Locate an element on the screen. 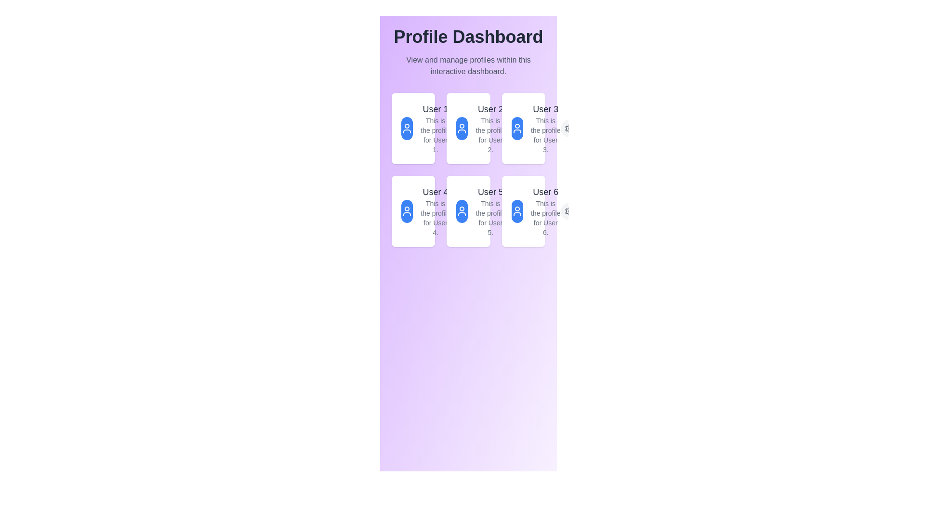 Image resolution: width=925 pixels, height=520 pixels. text displayed in the profile of User 6, located in the sixth slot of the grid layout on the rightmost column and second row is located at coordinates (545, 211).